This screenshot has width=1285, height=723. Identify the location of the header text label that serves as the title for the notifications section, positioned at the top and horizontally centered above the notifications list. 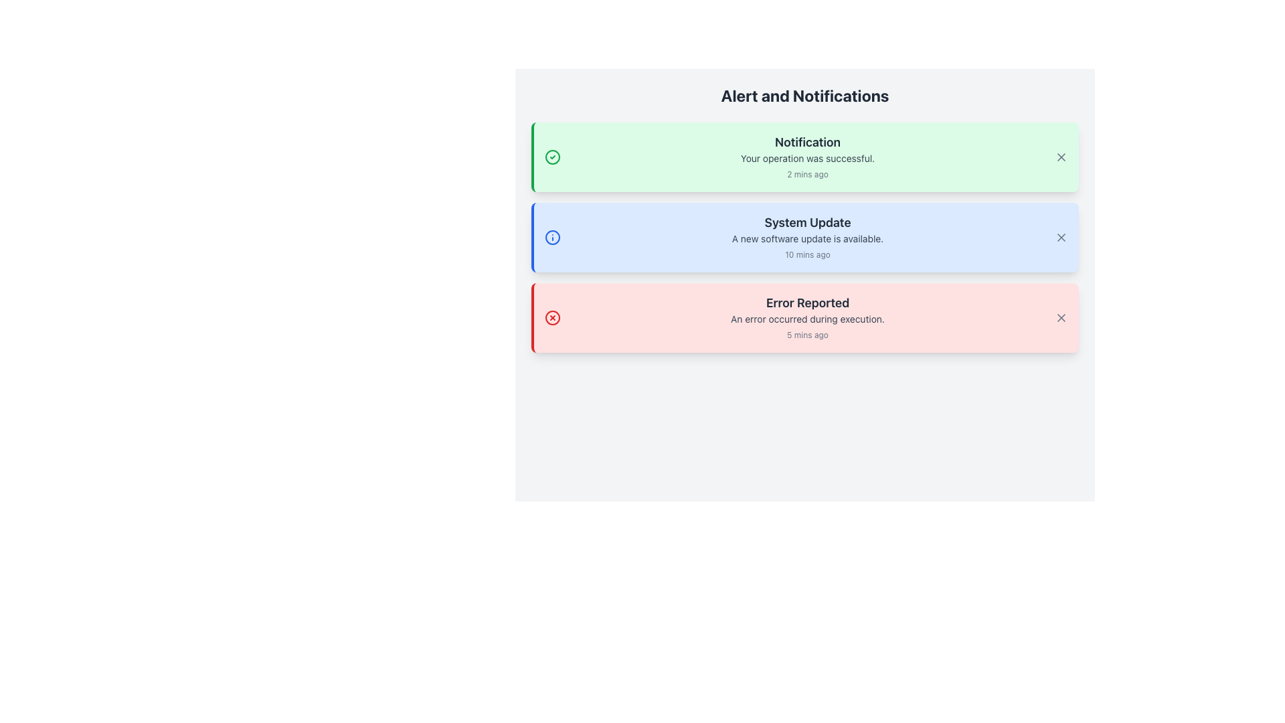
(804, 94).